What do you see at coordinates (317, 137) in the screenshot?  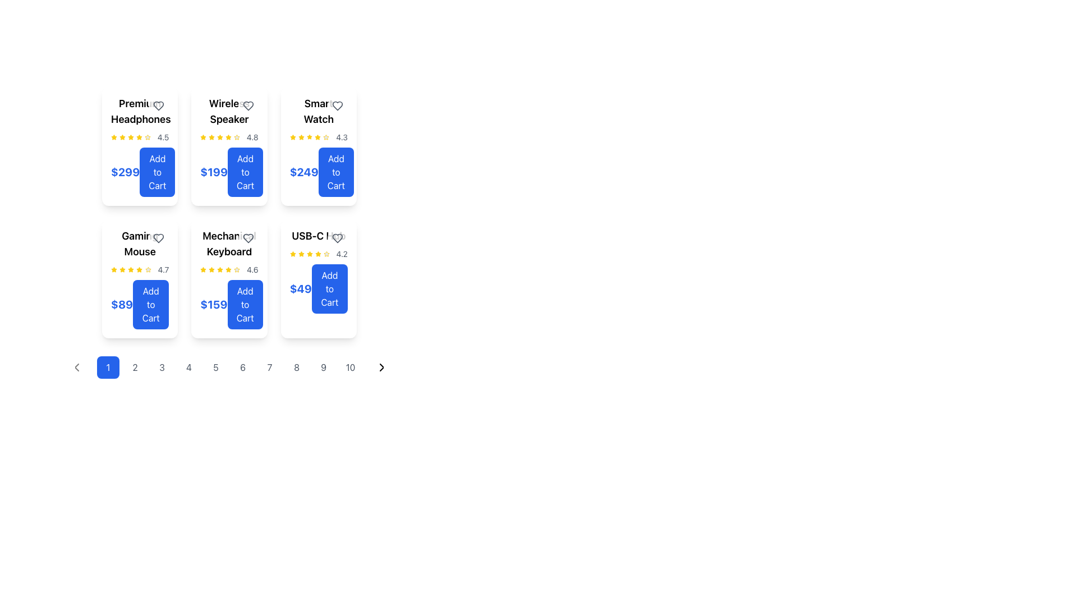 I see `the yellow star icon representing an active rating for the 'Smart Watch' product, which is the sixth star in a sequence of rating stars` at bounding box center [317, 137].